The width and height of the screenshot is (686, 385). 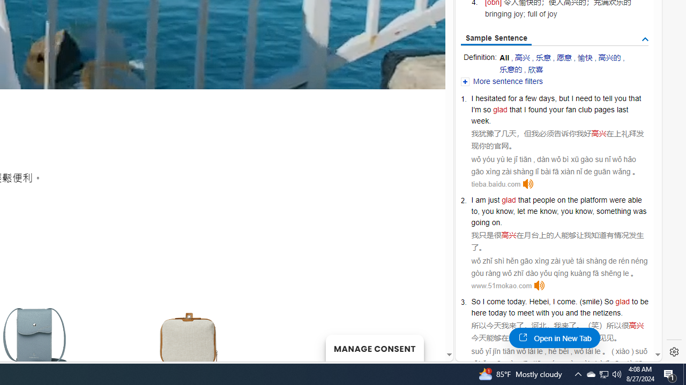 I want to click on 'was', so click(x=640, y=211).